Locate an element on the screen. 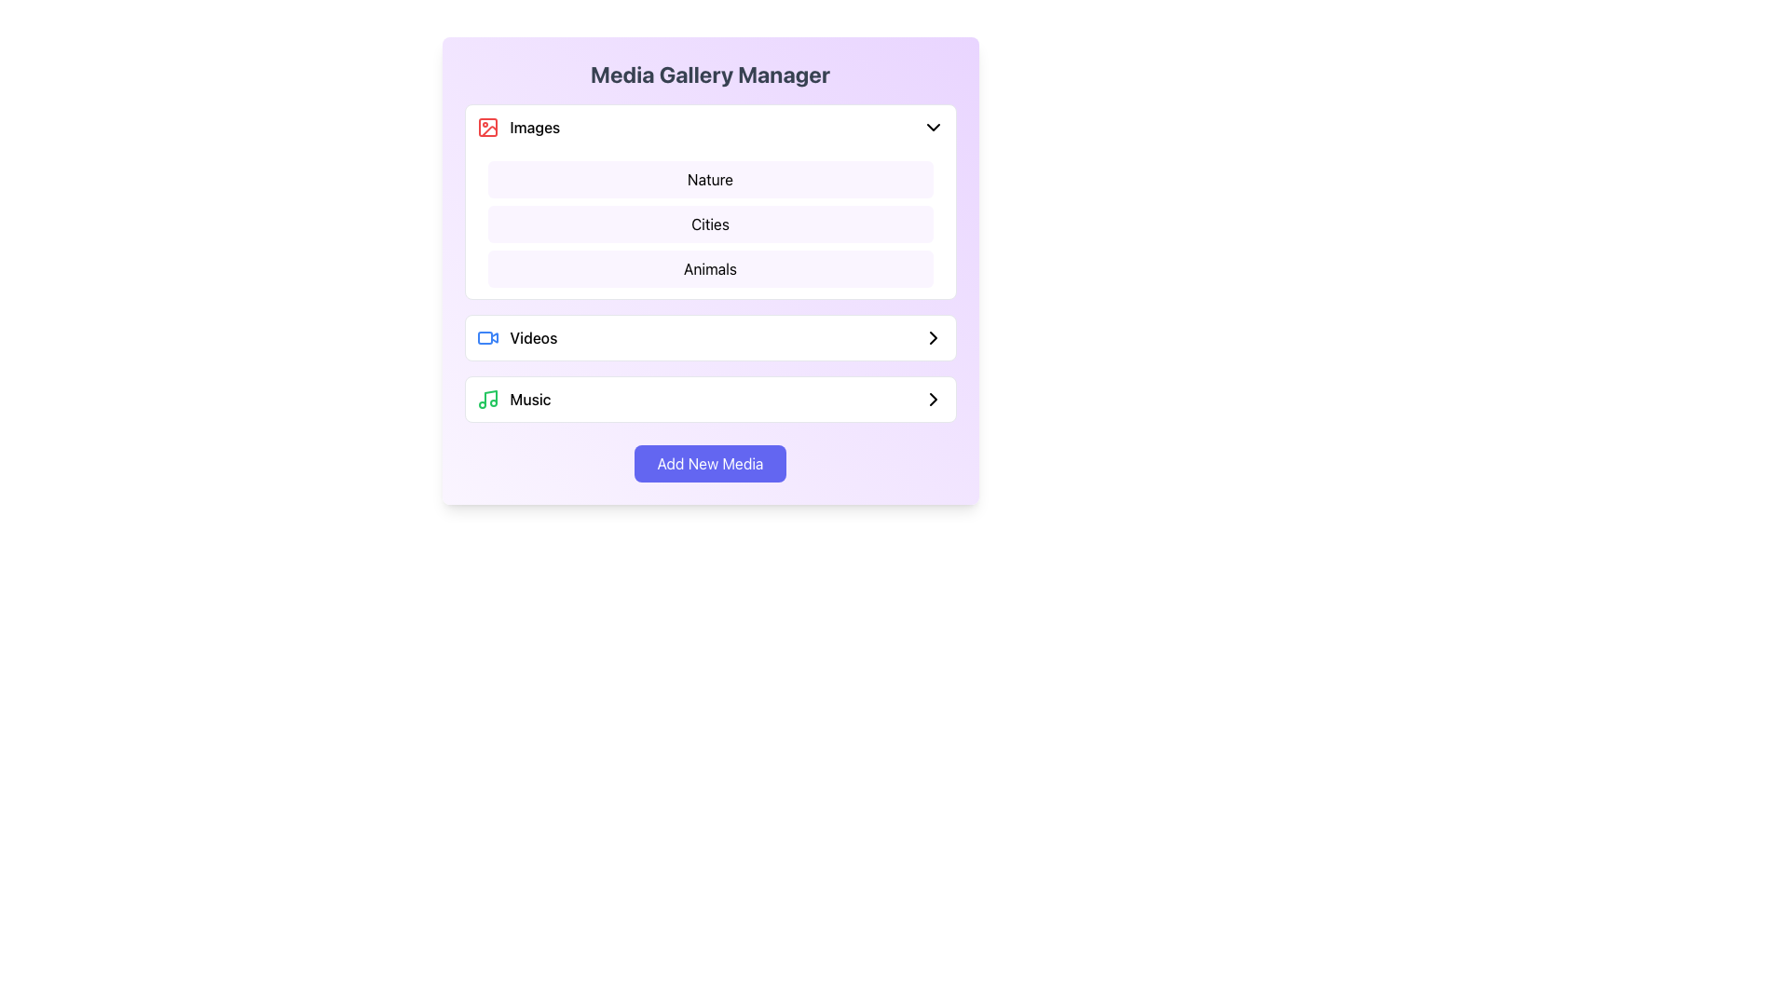 This screenshot has width=1789, height=1006. the thin, diagonal line element that is part of the green music-themed icon in the 'Music' section of the Media Gallery Manager is located at coordinates (490, 397).